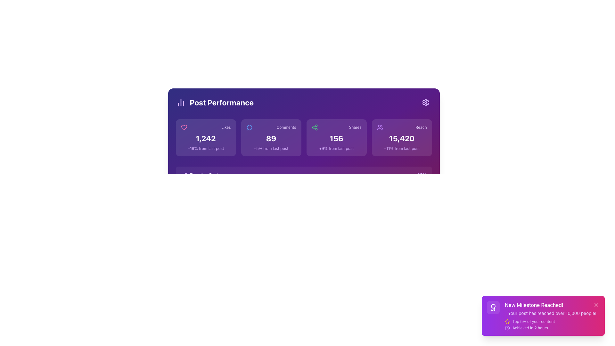 This screenshot has height=346, width=615. I want to click on the Informative Card displaying the number of shares (156) and comparison to previous post (+9%) in the third box of the horizontal row, so click(336, 137).